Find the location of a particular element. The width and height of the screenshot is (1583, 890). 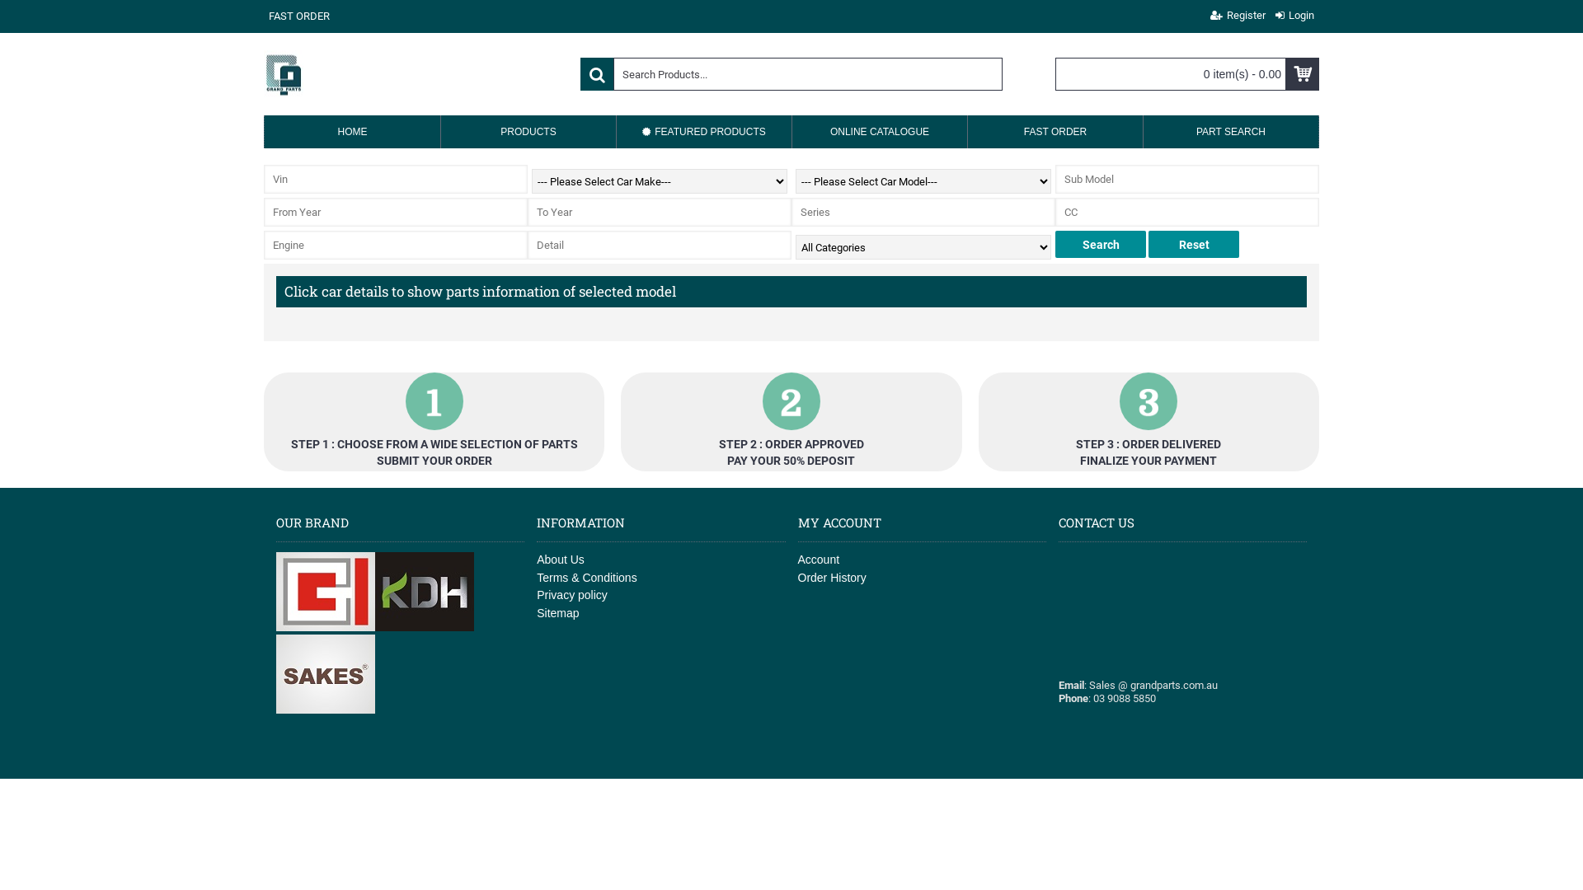

'About Us' is located at coordinates (537, 559).